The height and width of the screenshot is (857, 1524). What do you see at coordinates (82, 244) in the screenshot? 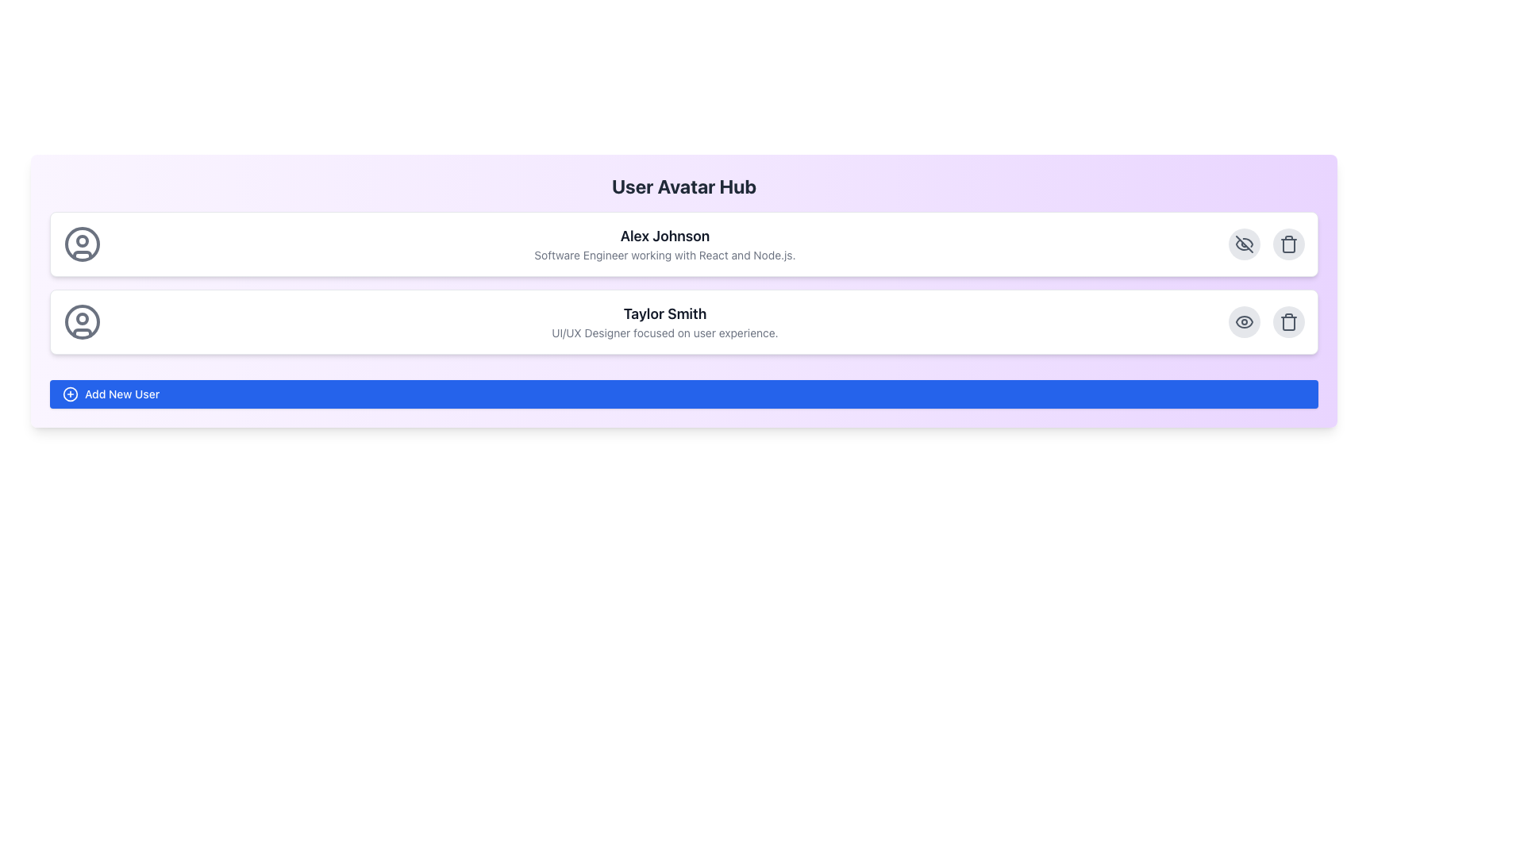
I see `the outermost circular contour of the user avatar icon located to the left of the text 'Alex Johnson'` at bounding box center [82, 244].